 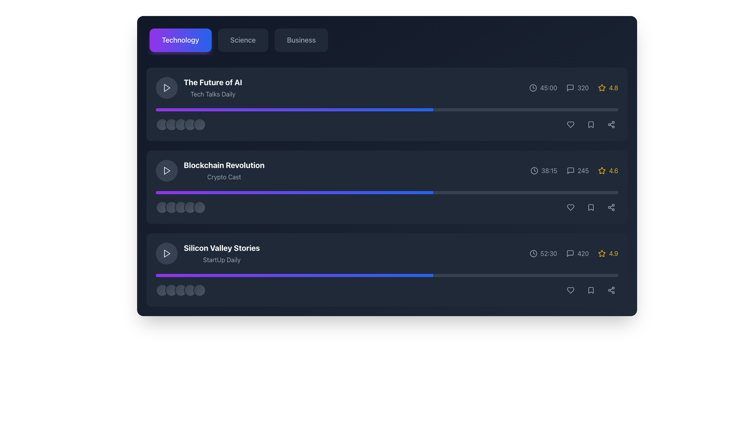 What do you see at coordinates (243, 40) in the screenshot?
I see `the 'Science' text label in the navigation menu, which is styled in a large, bold font with a light gray color on a dark gray background, located centrally between 'Technology' and 'Business'` at bounding box center [243, 40].